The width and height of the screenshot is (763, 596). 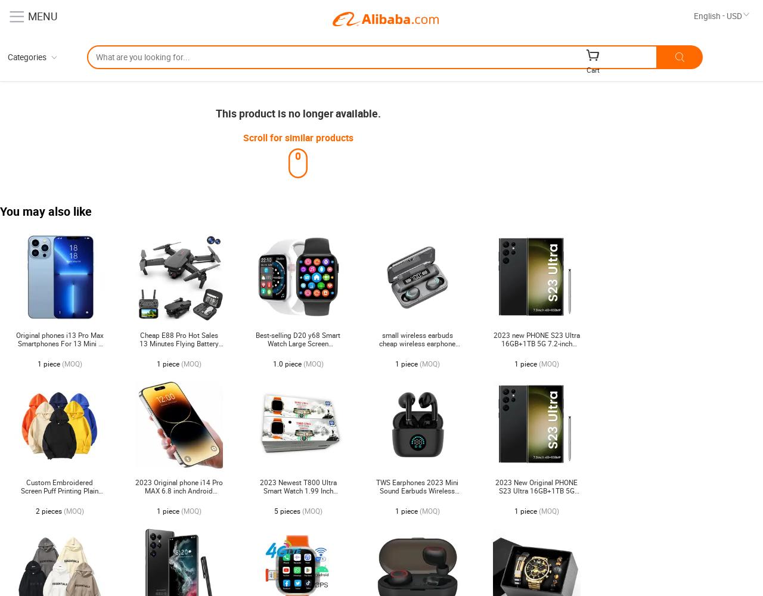 What do you see at coordinates (587, 69) in the screenshot?
I see `'Cart'` at bounding box center [587, 69].